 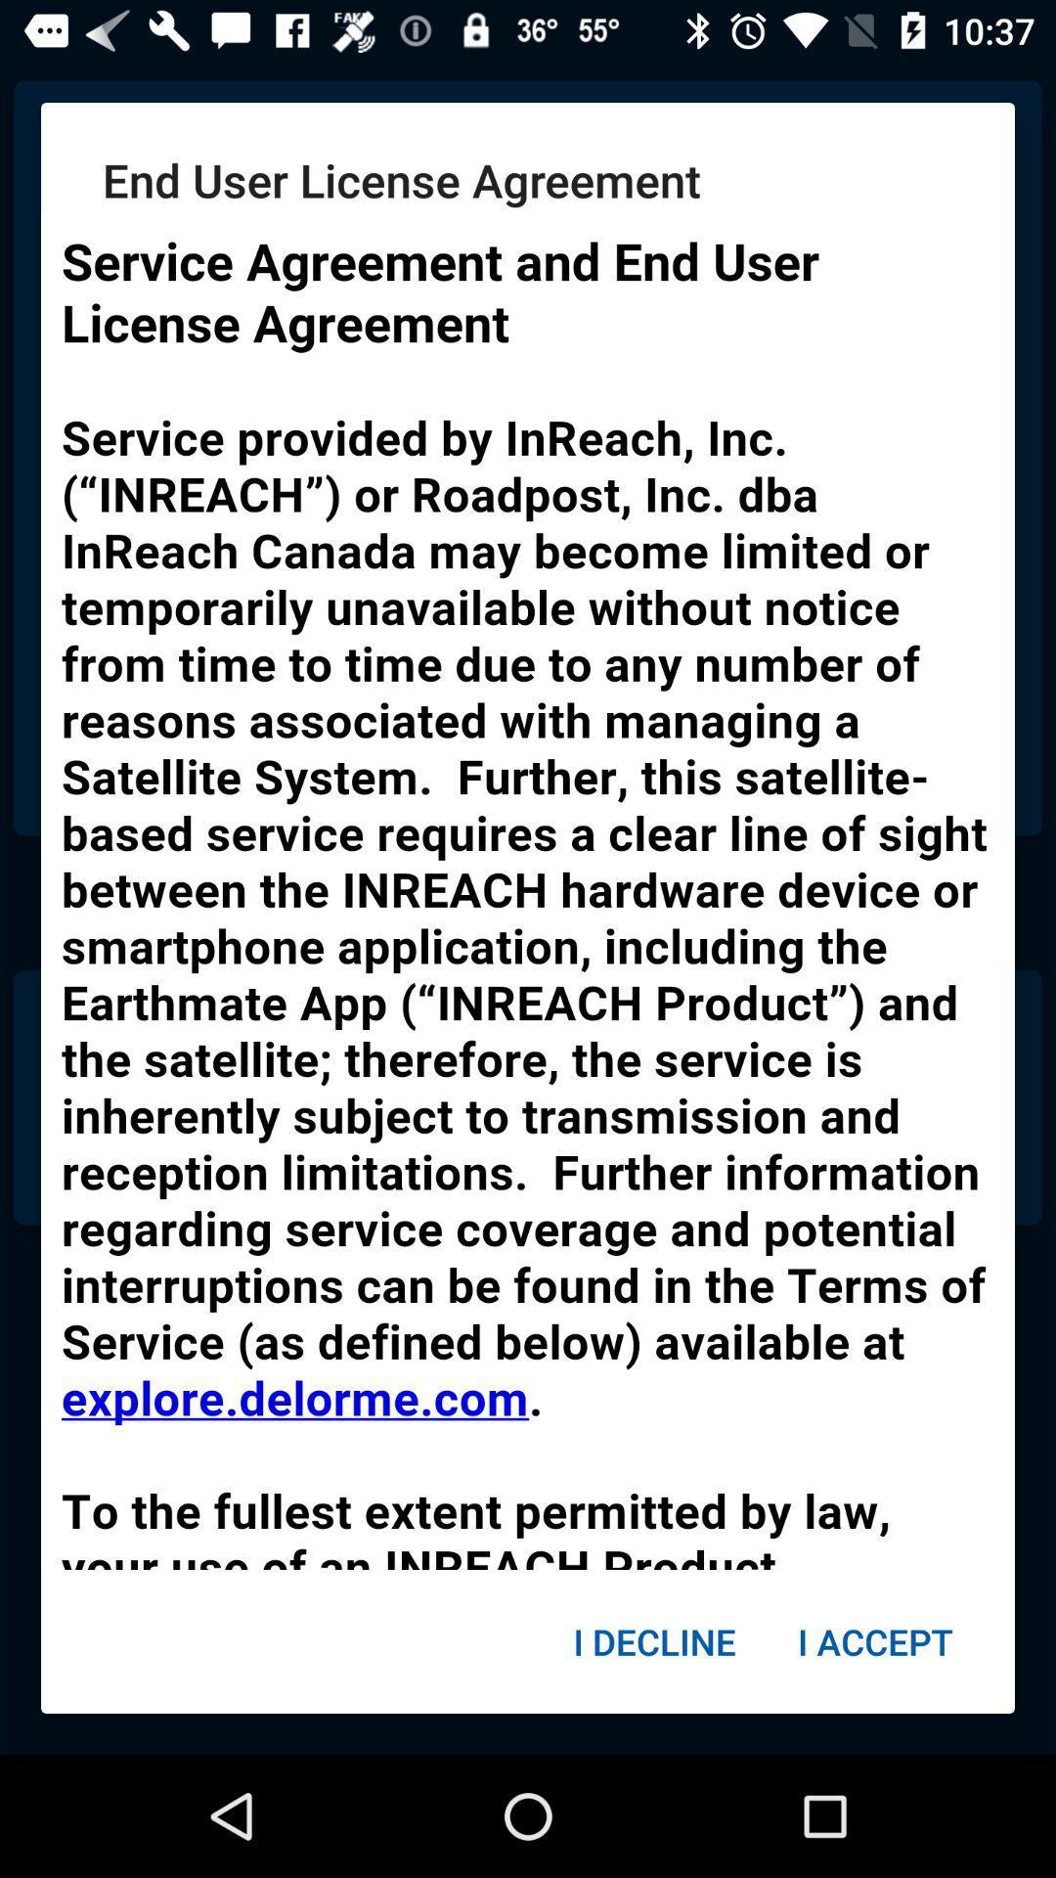 I want to click on click on text, so click(x=528, y=889).